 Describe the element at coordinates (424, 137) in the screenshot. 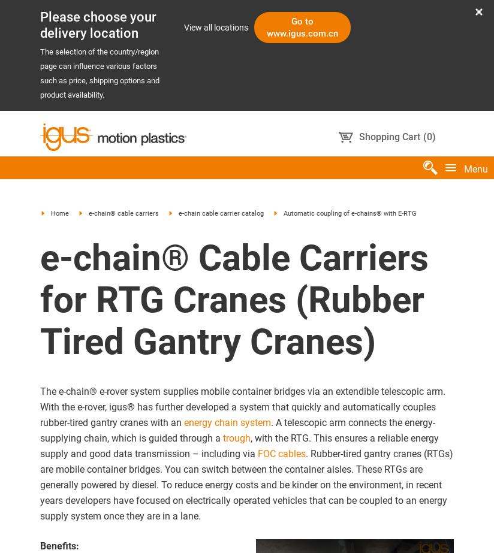

I see `'('` at that location.